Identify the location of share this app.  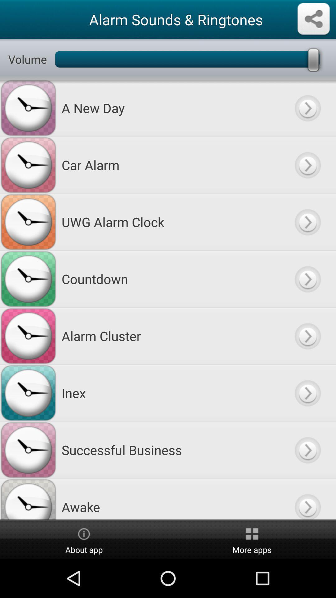
(313, 19).